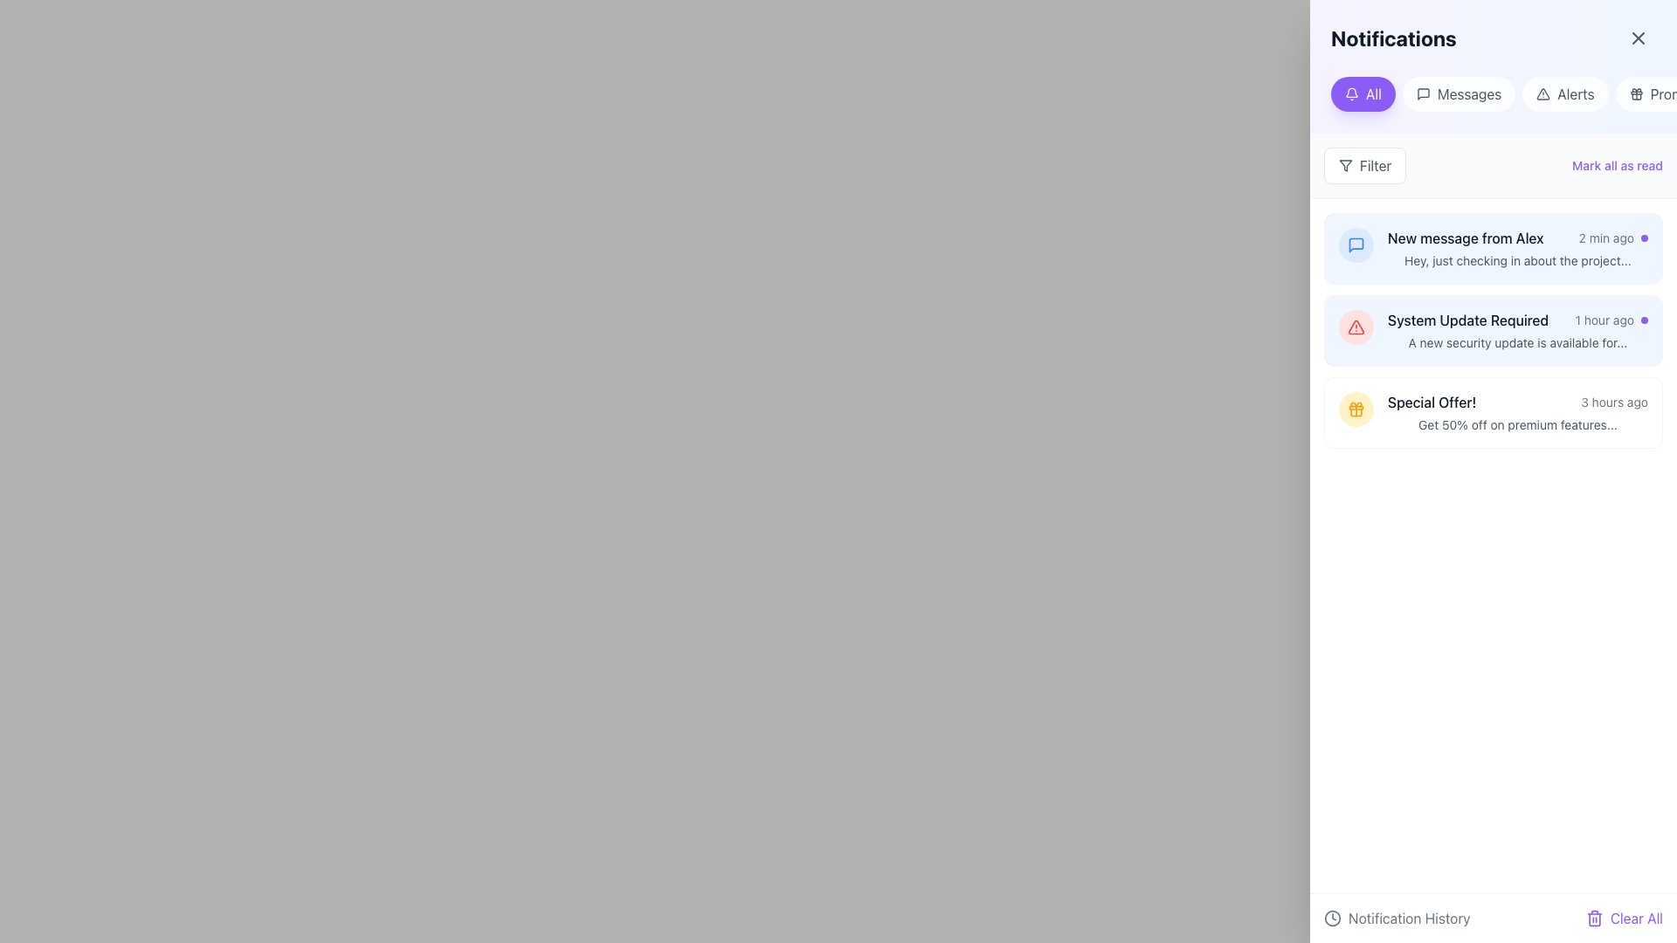  Describe the element at coordinates (1623, 918) in the screenshot. I see `the 'Clear All' button, which is a violet text label with a trash can icon, located at the far-right position of the horizontal bar at the bottom of the interface` at that location.